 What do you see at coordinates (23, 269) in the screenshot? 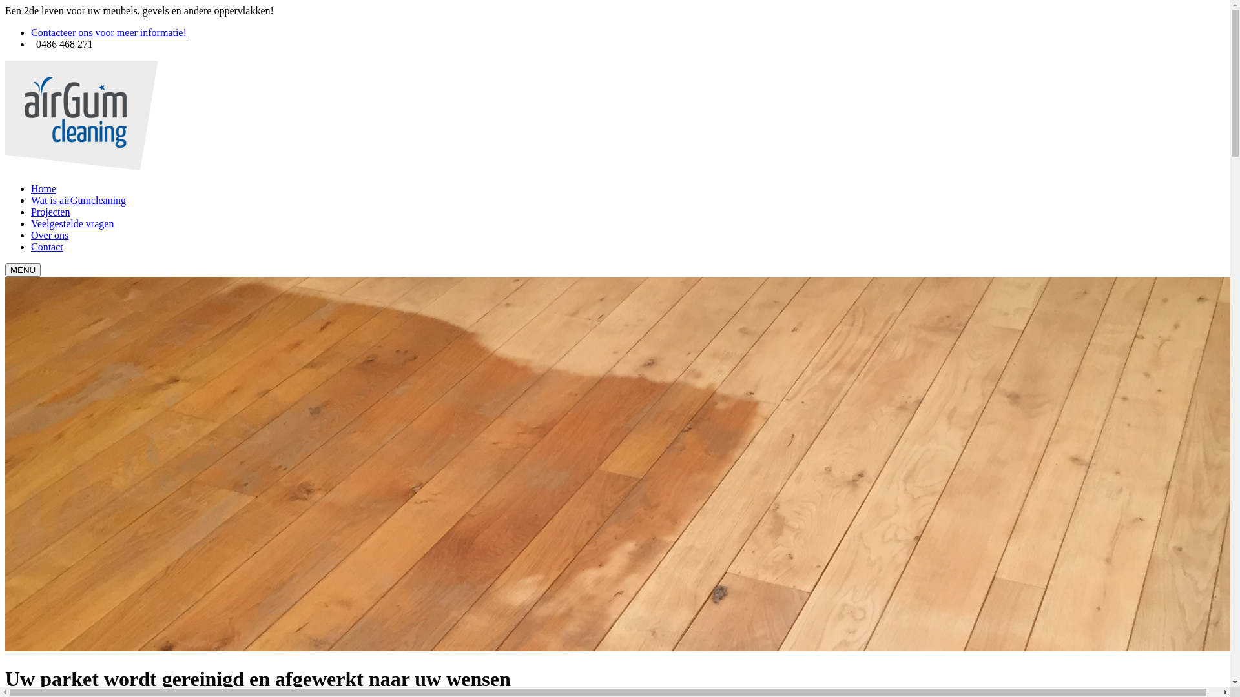
I see `'MENU'` at bounding box center [23, 269].